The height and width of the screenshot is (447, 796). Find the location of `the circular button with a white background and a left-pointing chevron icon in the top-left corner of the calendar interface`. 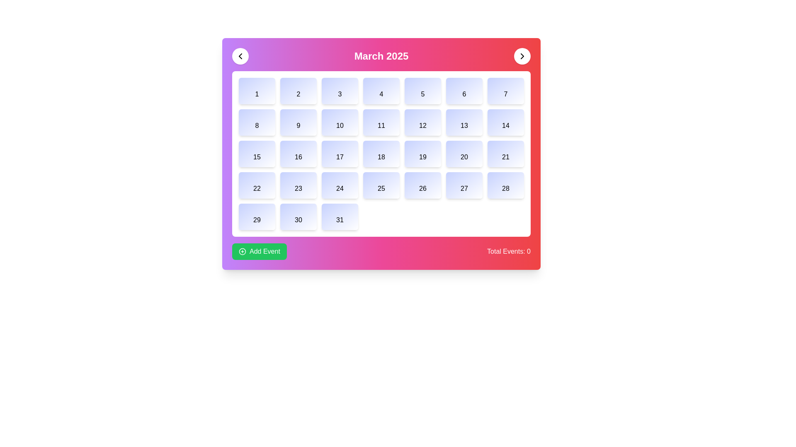

the circular button with a white background and a left-pointing chevron icon in the top-left corner of the calendar interface is located at coordinates (240, 56).